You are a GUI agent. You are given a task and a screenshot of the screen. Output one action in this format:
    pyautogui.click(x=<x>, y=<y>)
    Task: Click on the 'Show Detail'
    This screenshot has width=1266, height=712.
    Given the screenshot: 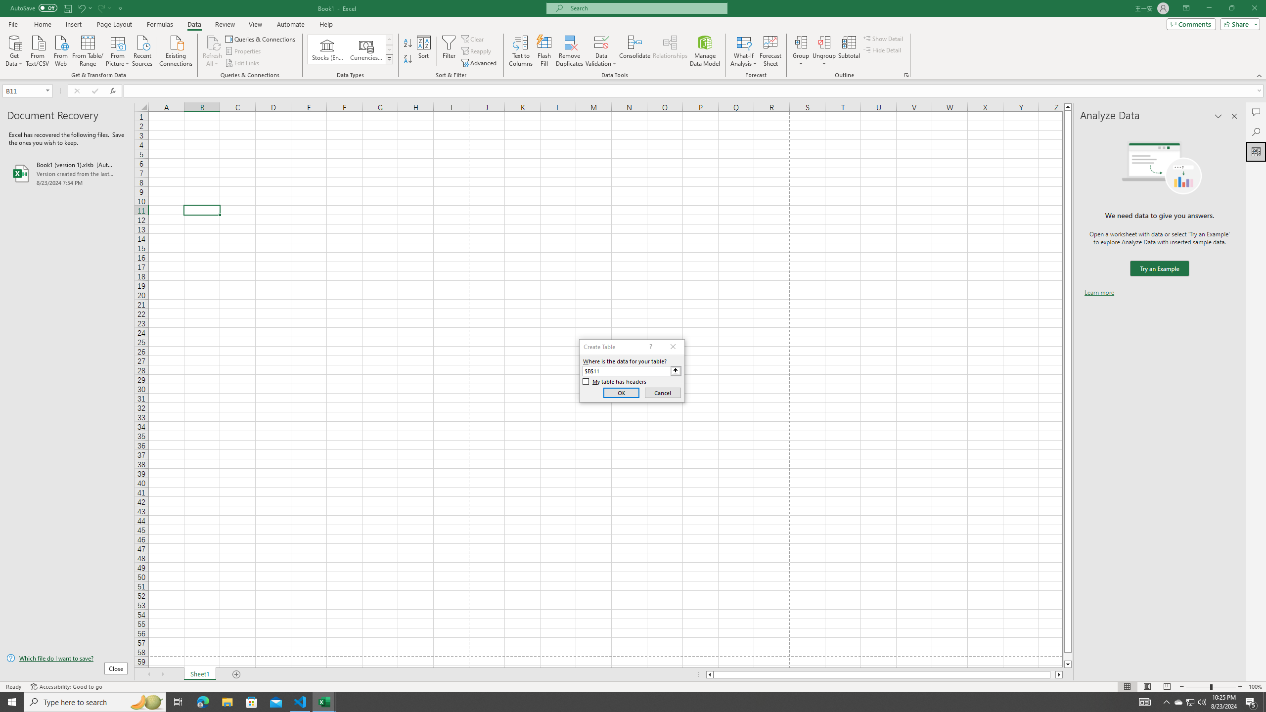 What is the action you would take?
    pyautogui.click(x=883, y=38)
    